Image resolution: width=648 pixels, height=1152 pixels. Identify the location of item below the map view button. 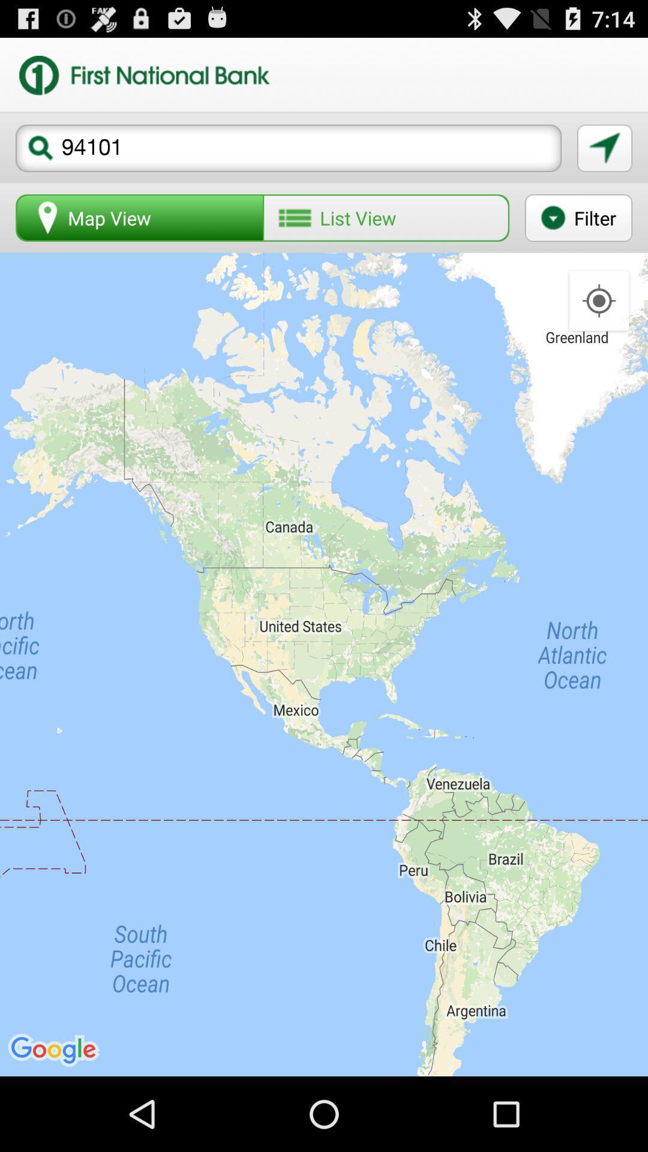
(324, 664).